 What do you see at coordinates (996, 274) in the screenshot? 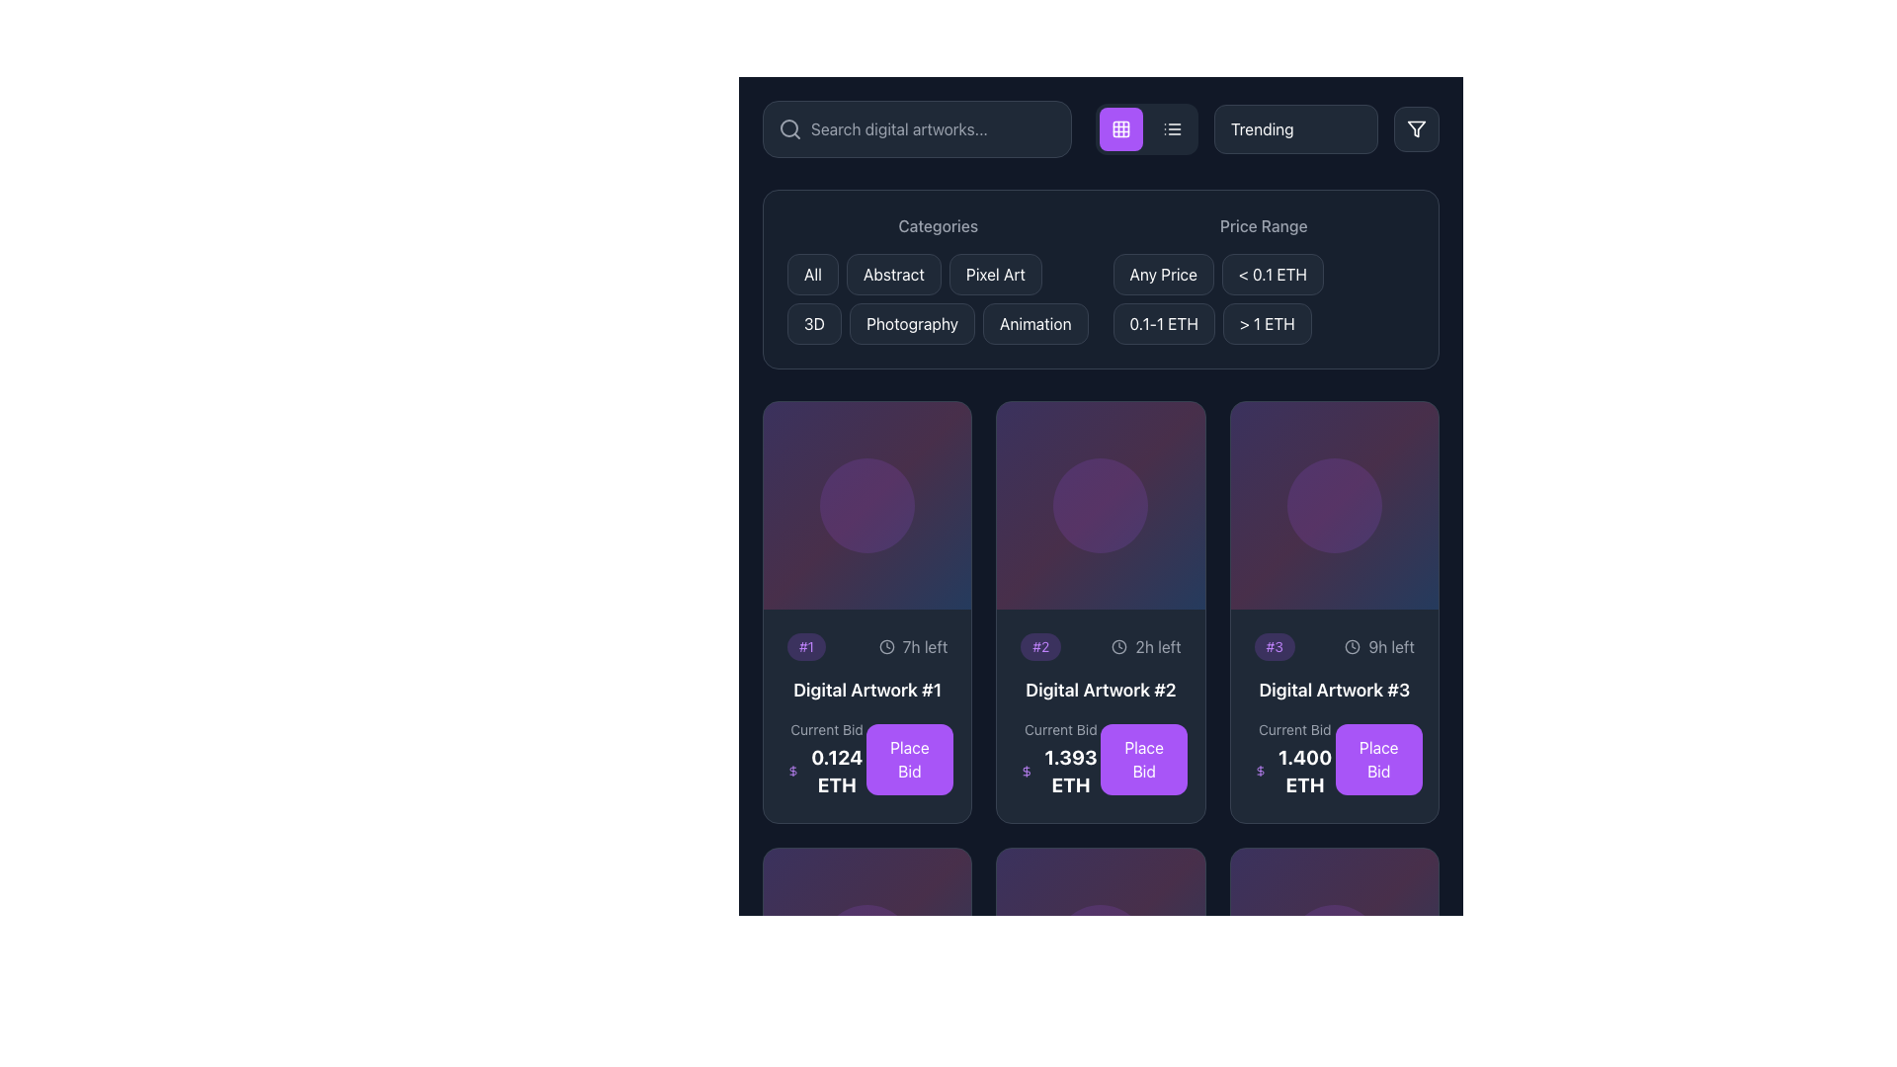
I see `the 'Pixel Art' category filter button` at bounding box center [996, 274].